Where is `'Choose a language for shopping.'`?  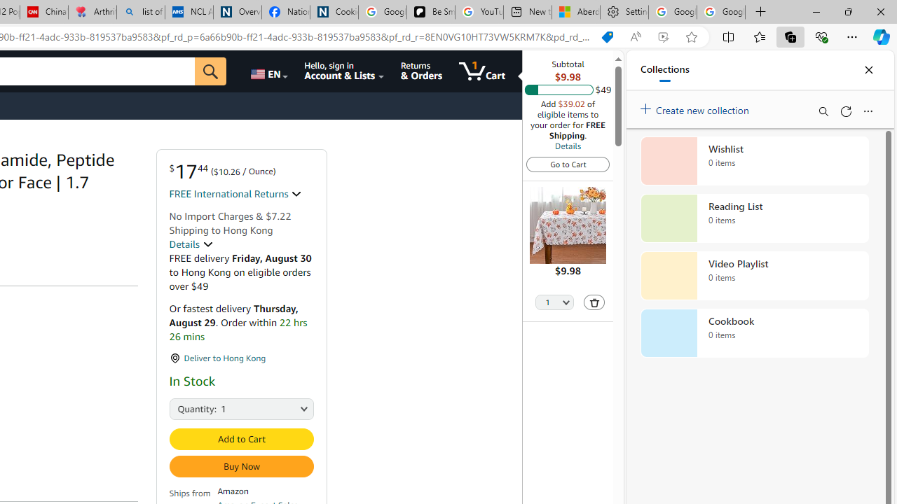 'Choose a language for shopping.' is located at coordinates (268, 71).